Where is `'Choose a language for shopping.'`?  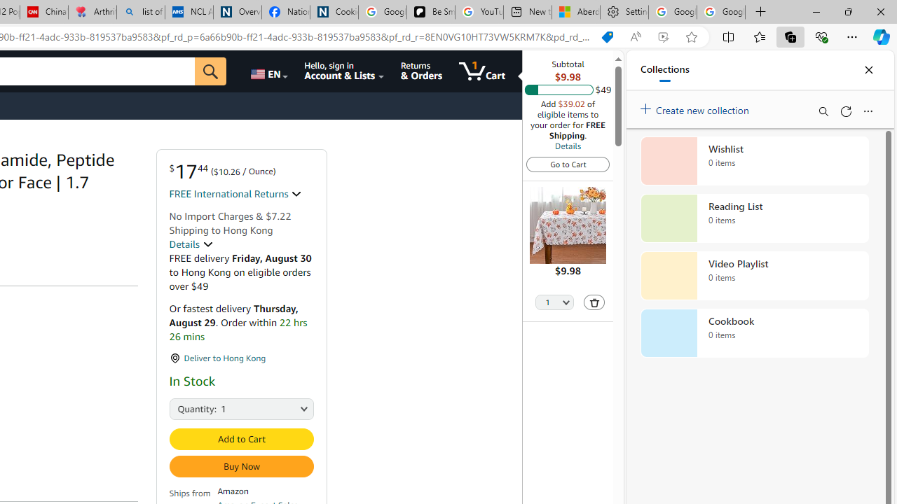 'Choose a language for shopping.' is located at coordinates (268, 71).